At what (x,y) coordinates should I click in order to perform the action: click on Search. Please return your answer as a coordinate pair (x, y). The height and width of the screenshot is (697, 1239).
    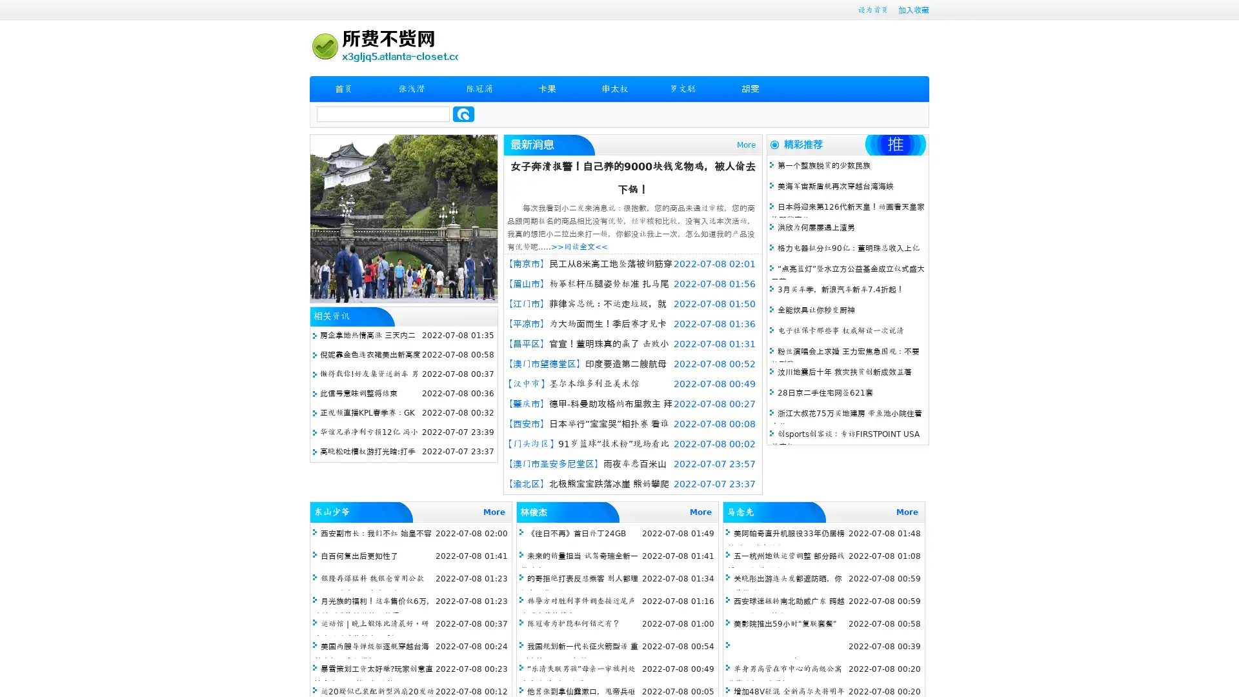
    Looking at the image, I should click on (463, 114).